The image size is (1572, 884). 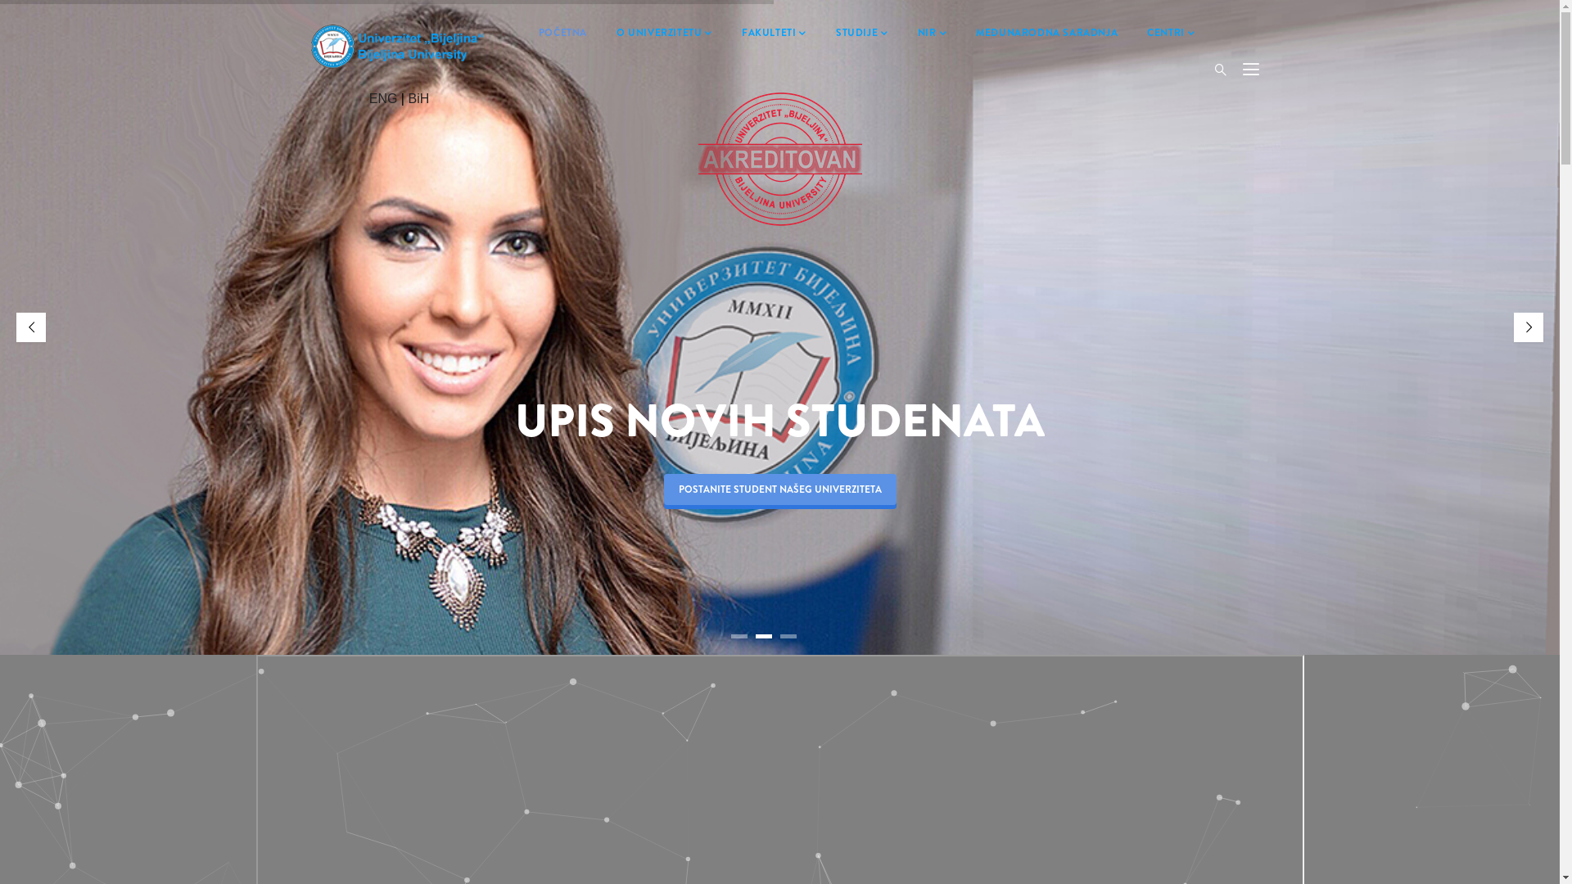 What do you see at coordinates (664, 34) in the screenshot?
I see `'O UNIVERZITETU'` at bounding box center [664, 34].